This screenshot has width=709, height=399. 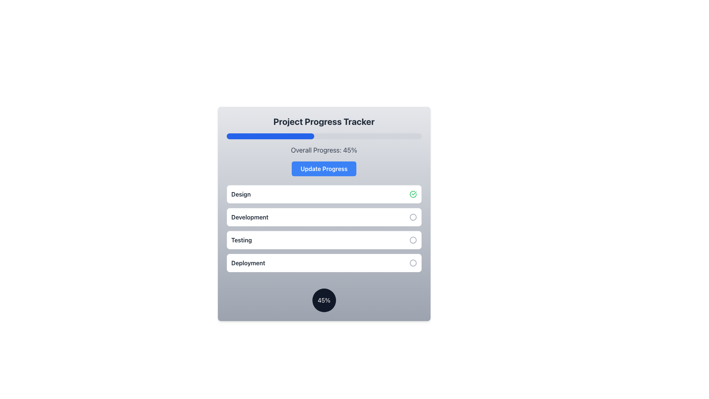 What do you see at coordinates (270, 136) in the screenshot?
I see `the horizontal blue progress indicator bar that is styled with rounded ends and located within a gray track at the top-center of the window` at bounding box center [270, 136].